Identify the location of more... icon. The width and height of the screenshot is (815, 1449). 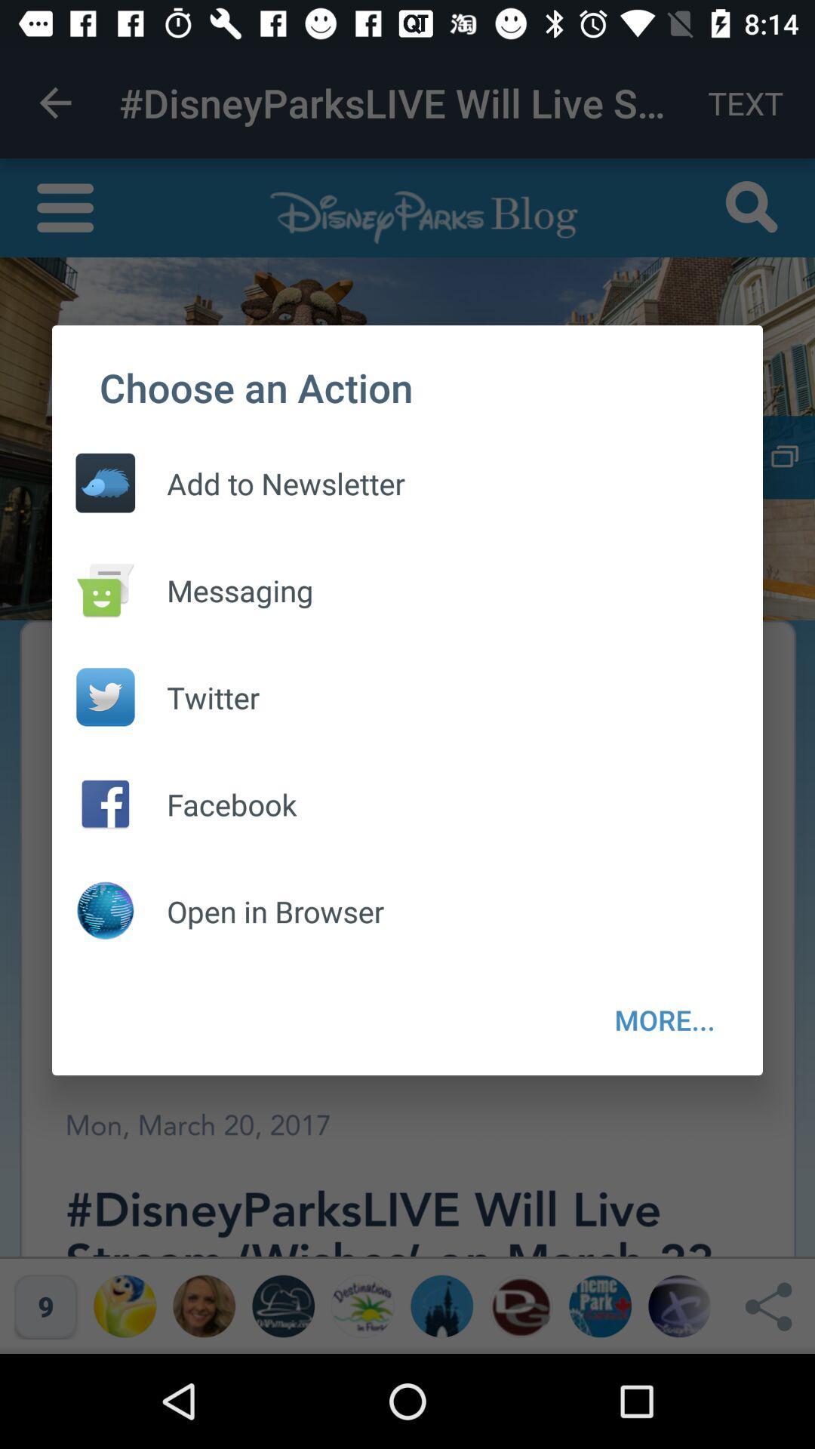
(664, 1020).